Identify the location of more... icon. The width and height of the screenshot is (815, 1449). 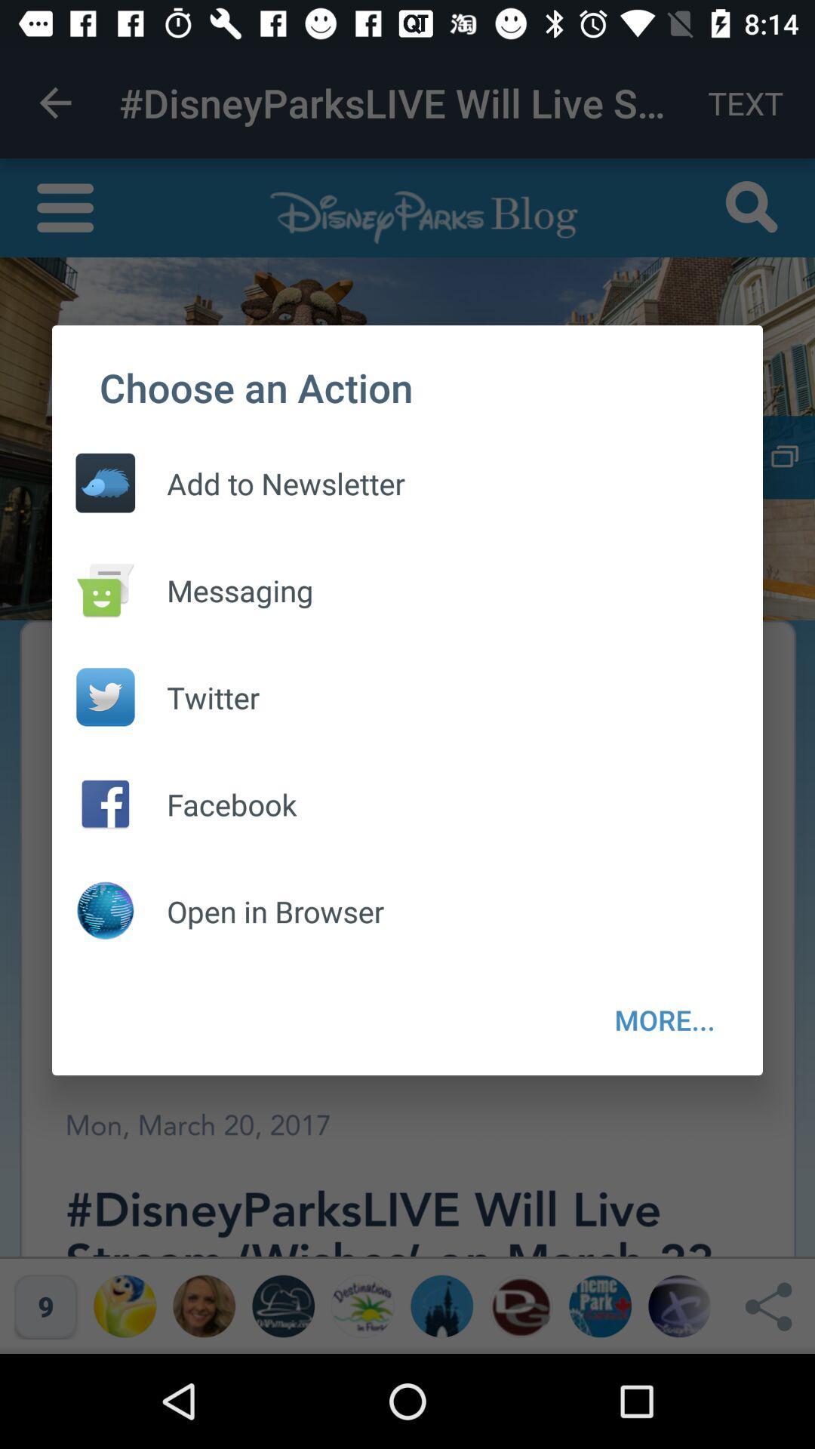
(664, 1020).